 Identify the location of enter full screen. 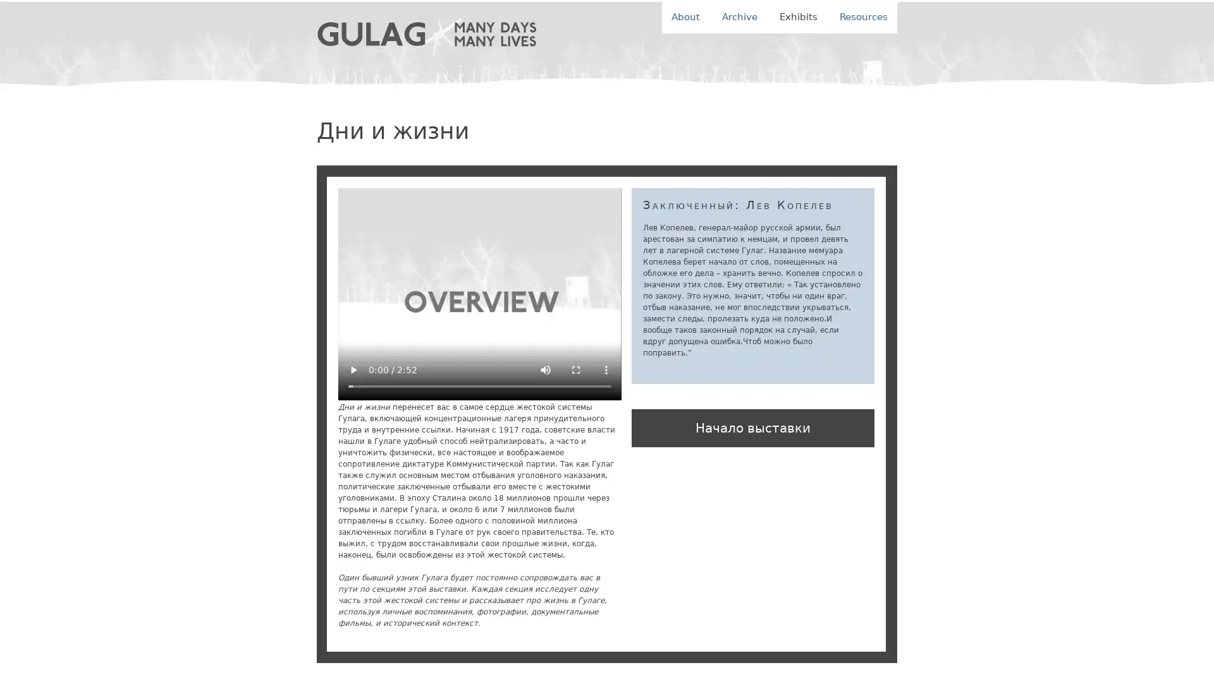
(575, 369).